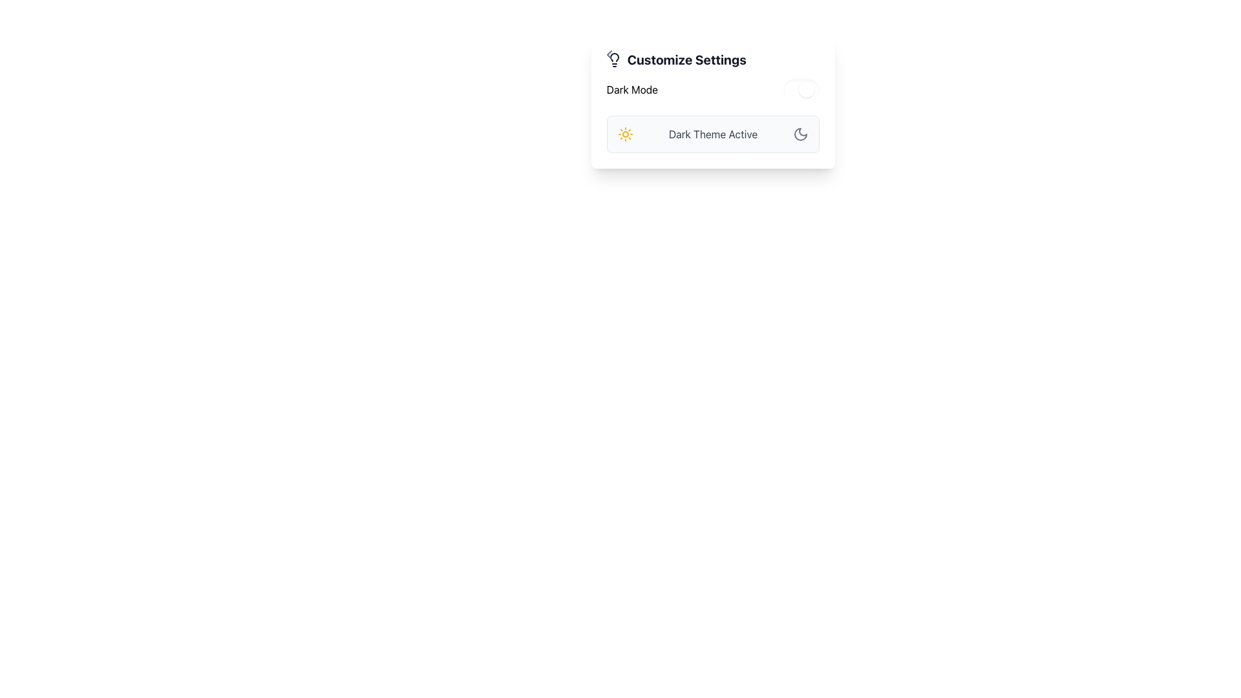  What do you see at coordinates (625, 134) in the screenshot?
I see `the active sun icon, which is bright yellow and indicates that the dark theme is active, located next to the text 'Dark Theme Active'` at bounding box center [625, 134].